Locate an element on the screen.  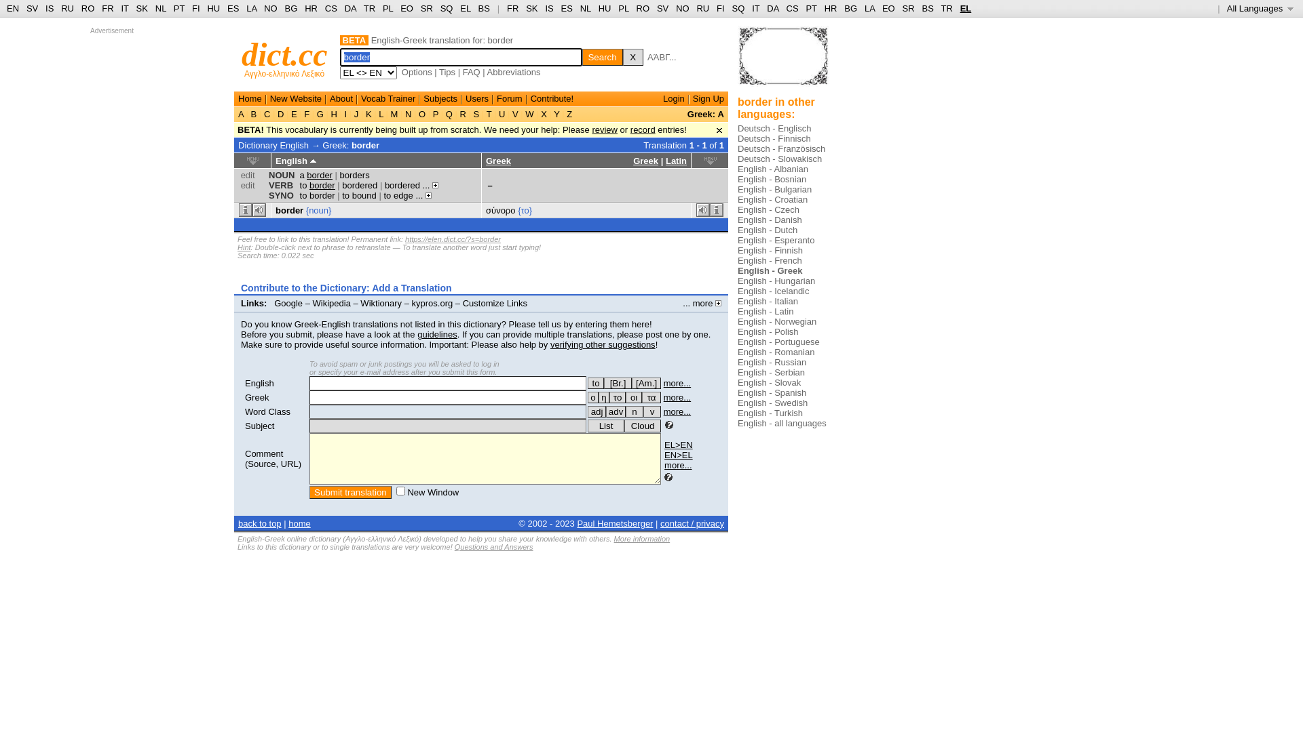
'English - Slovak' is located at coordinates (769, 382).